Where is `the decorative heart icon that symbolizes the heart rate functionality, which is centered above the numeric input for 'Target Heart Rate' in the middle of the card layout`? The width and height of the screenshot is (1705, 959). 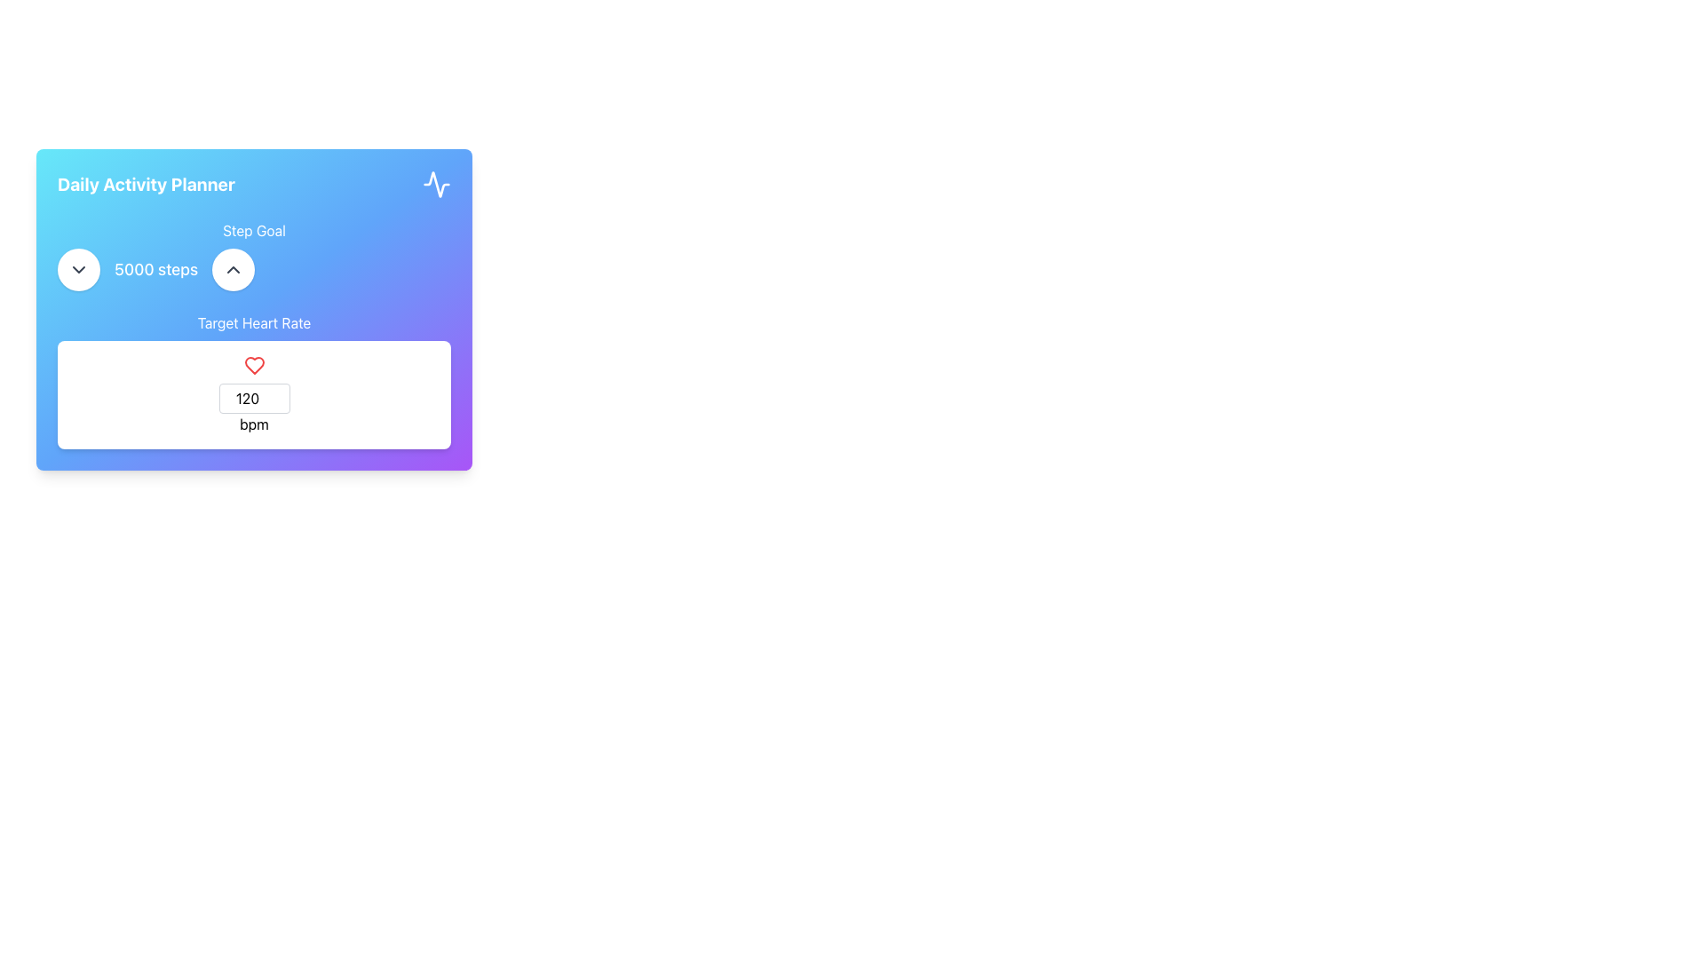
the decorative heart icon that symbolizes the heart rate functionality, which is centered above the numeric input for 'Target Heart Rate' in the middle of the card layout is located at coordinates (253, 365).